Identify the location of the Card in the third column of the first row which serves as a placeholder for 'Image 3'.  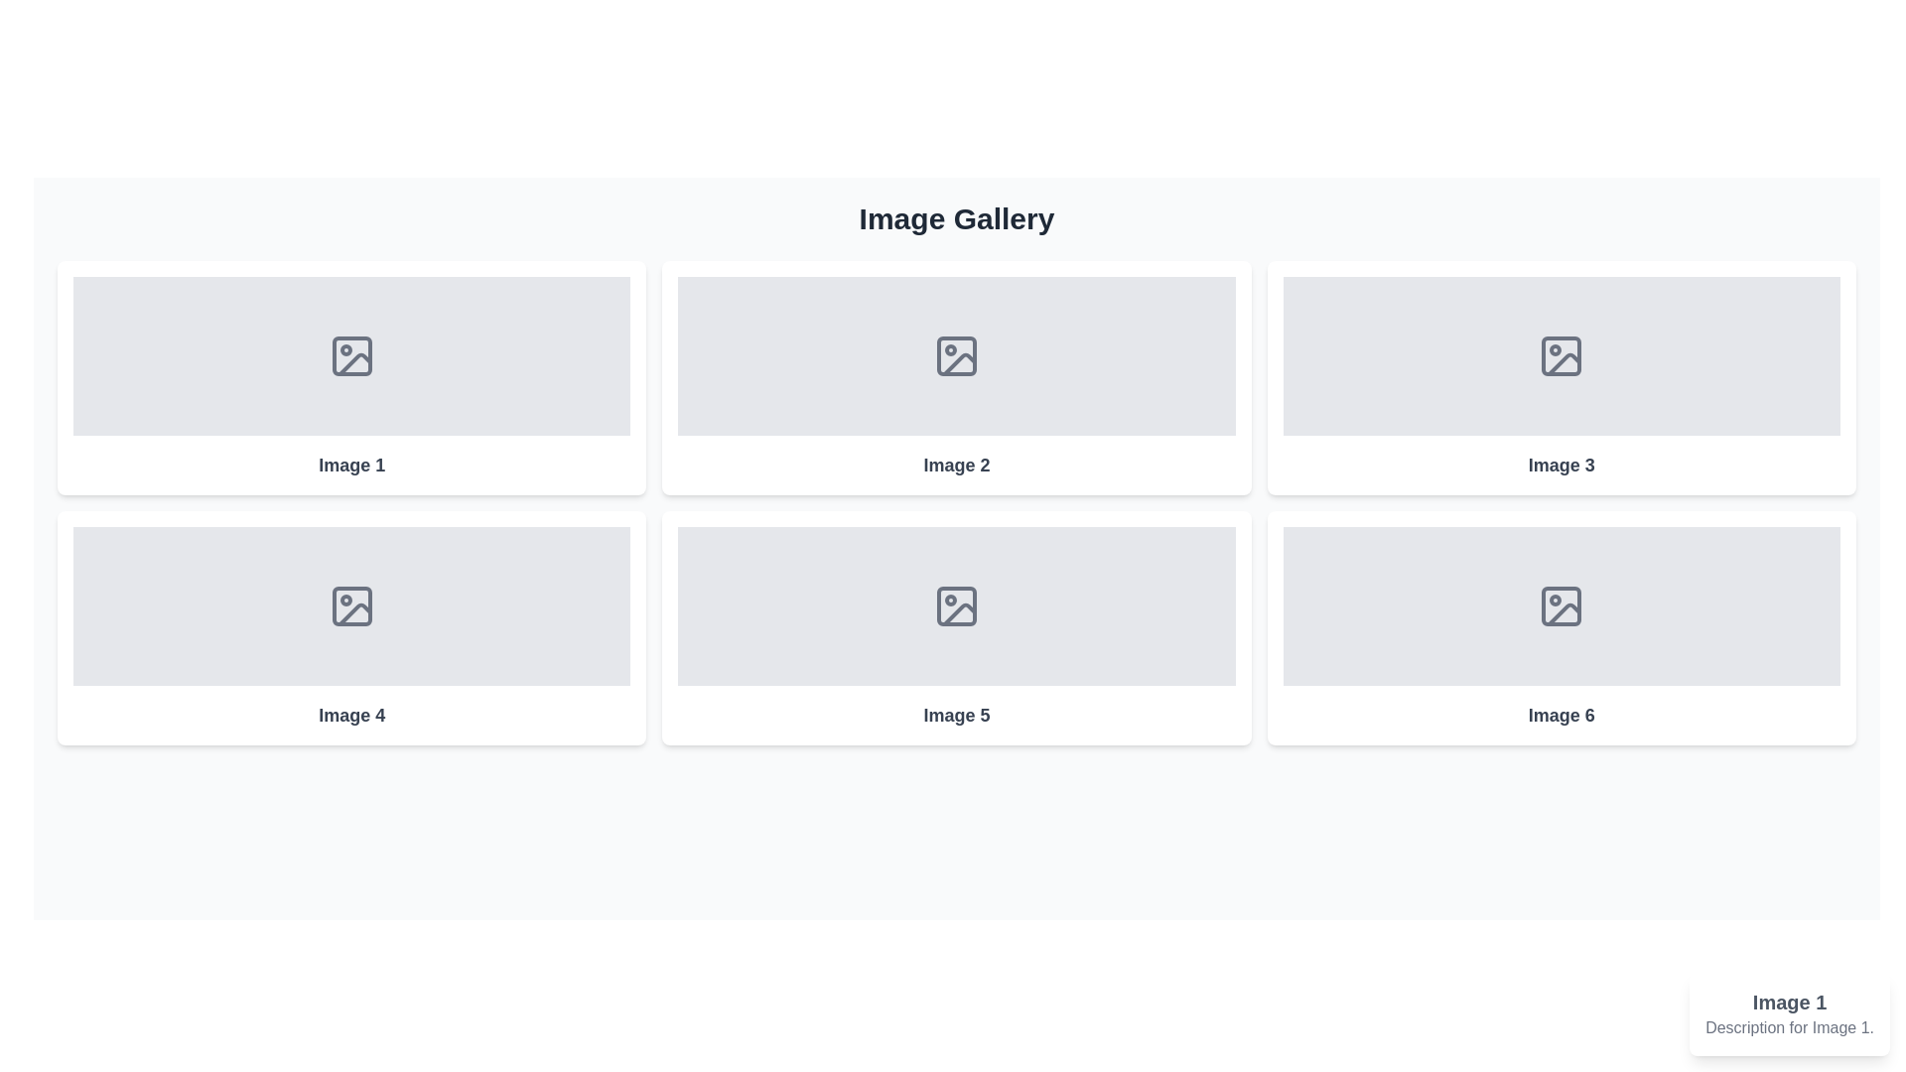
(1561, 378).